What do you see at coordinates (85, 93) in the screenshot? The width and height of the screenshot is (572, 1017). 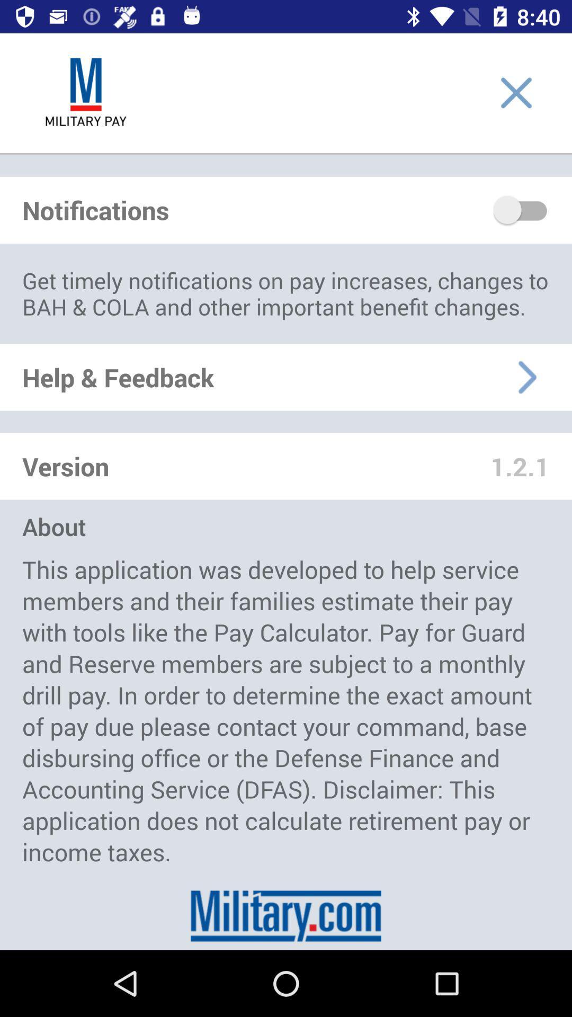 I see `logo` at bounding box center [85, 93].